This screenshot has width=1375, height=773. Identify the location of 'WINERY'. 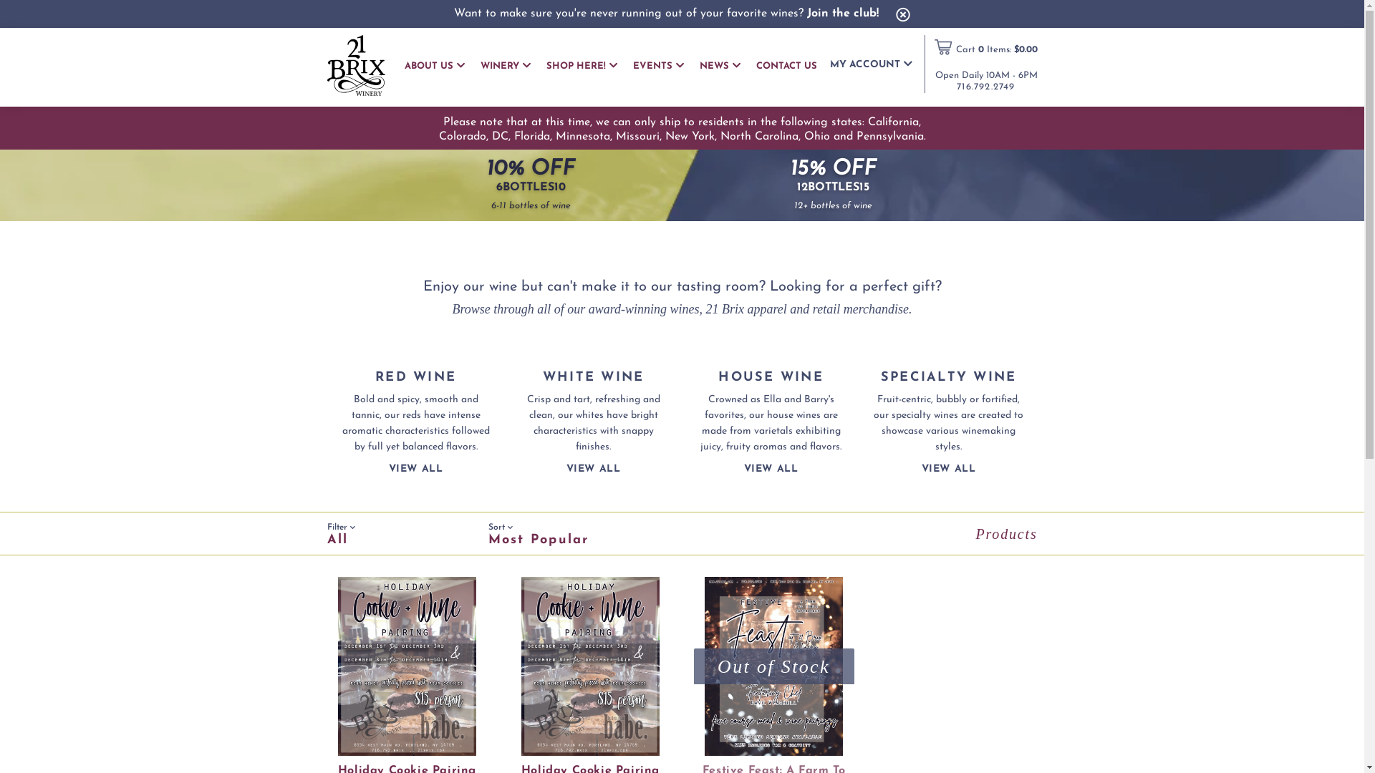
(505, 66).